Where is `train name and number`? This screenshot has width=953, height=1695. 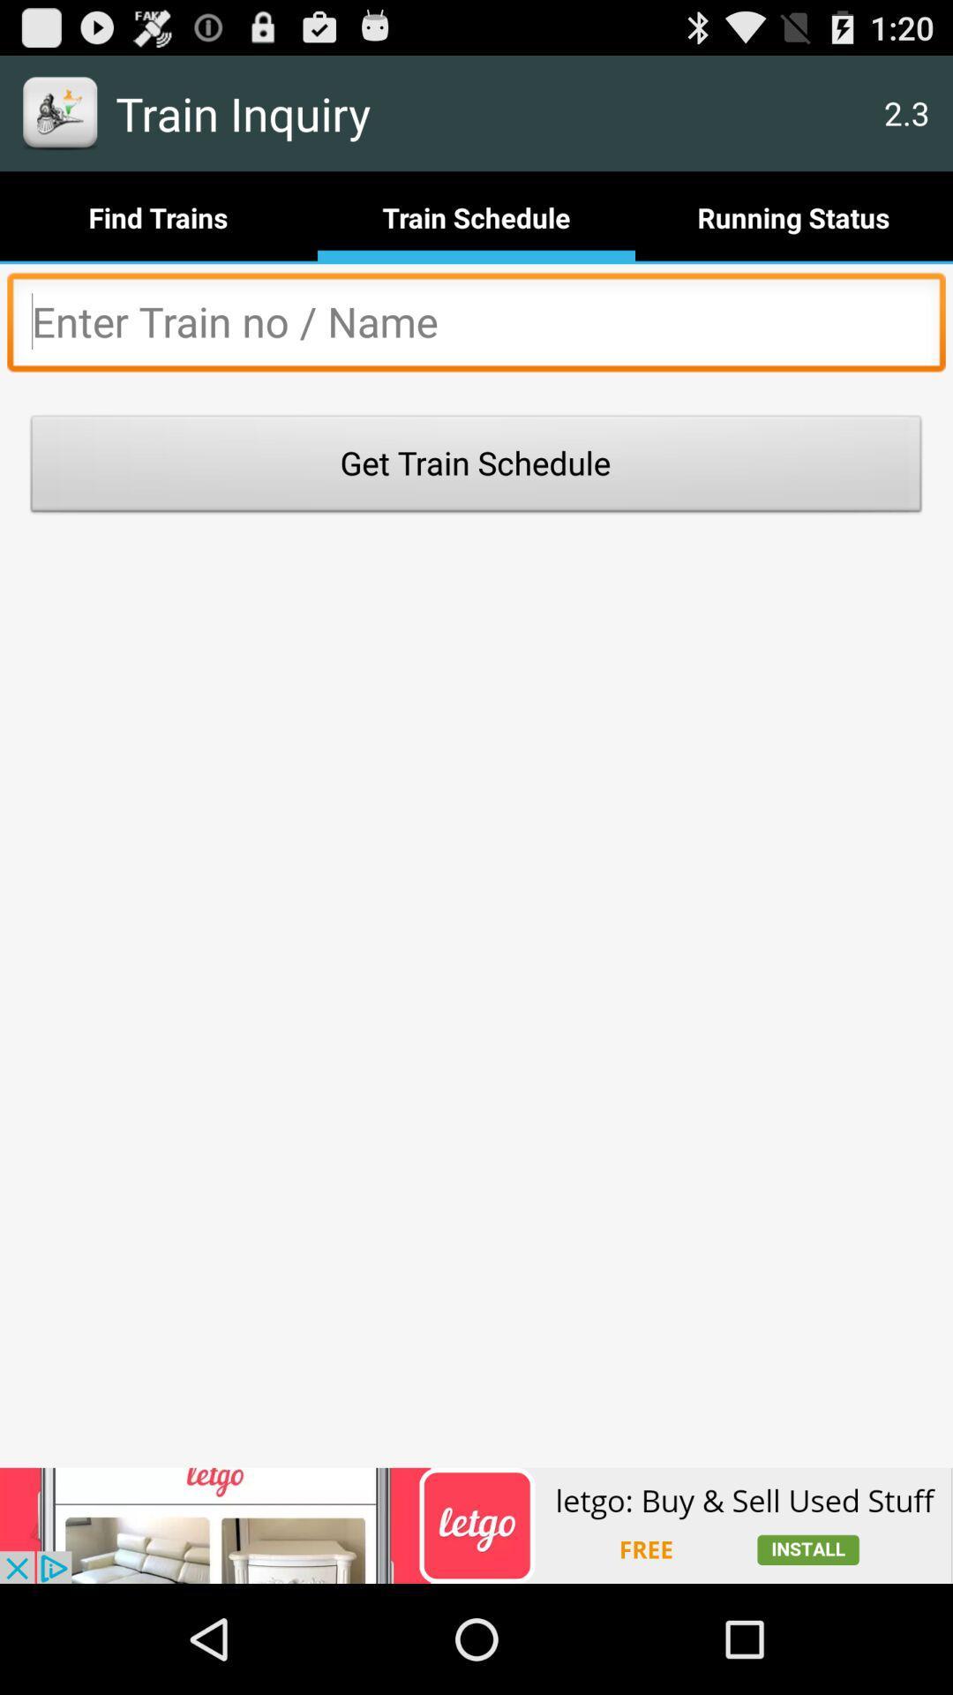
train name and number is located at coordinates (476, 327).